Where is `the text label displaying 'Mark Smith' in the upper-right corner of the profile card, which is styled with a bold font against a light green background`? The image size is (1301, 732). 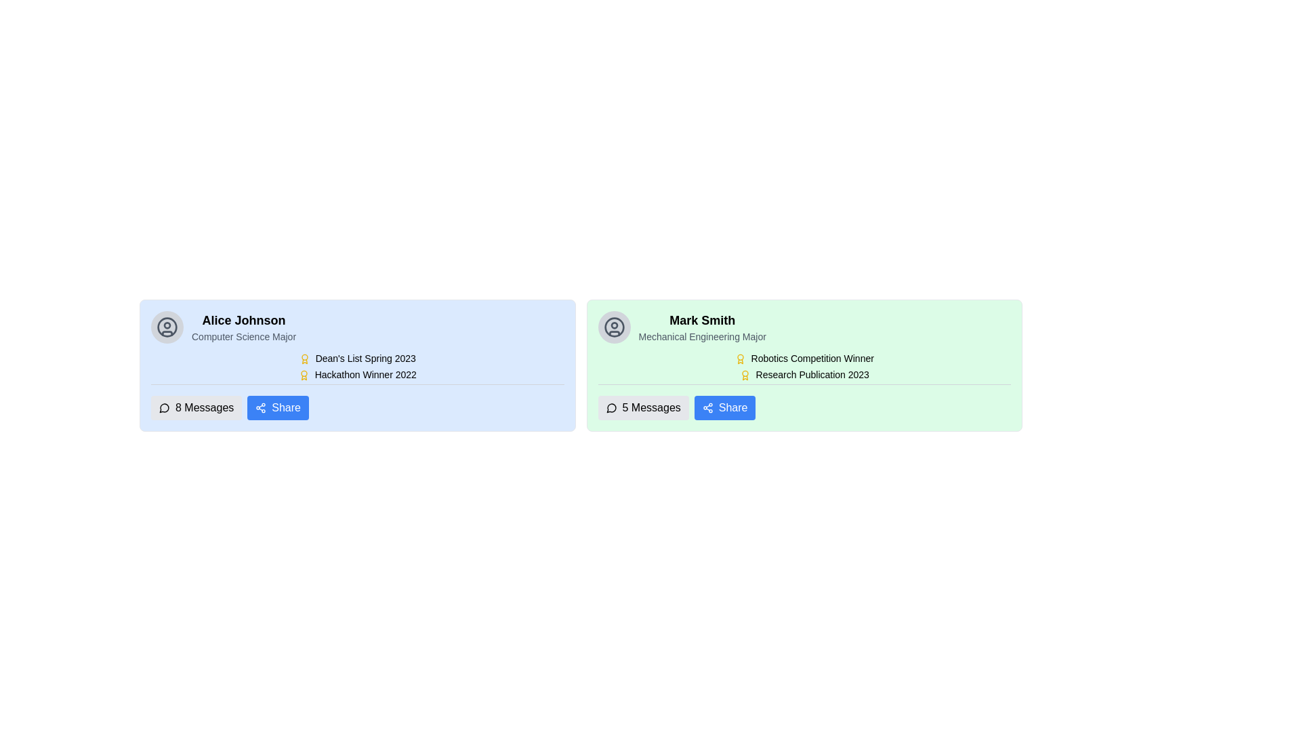
the text label displaying 'Mark Smith' in the upper-right corner of the profile card, which is styled with a bold font against a light green background is located at coordinates (702, 321).